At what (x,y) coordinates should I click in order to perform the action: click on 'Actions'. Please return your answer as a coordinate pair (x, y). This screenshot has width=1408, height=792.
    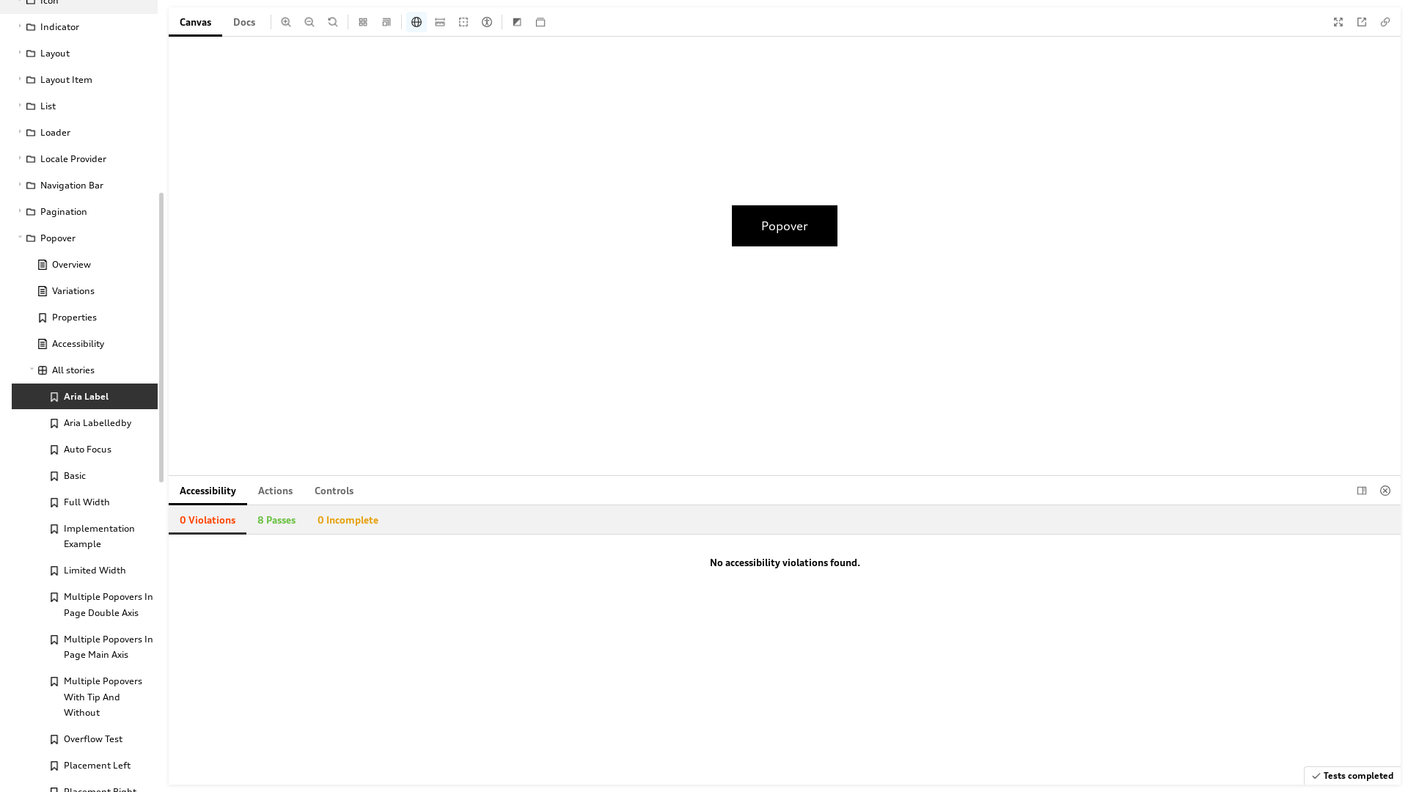
    Looking at the image, I should click on (275, 490).